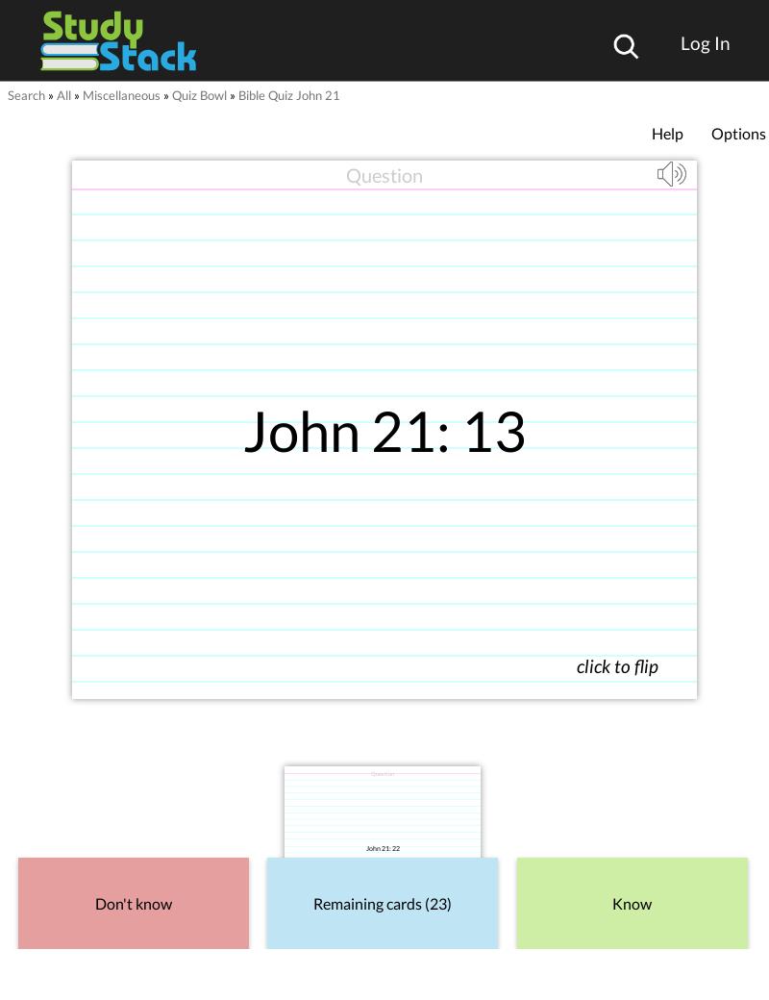  Describe the element at coordinates (616, 665) in the screenshot. I see `'click to flip'` at that location.